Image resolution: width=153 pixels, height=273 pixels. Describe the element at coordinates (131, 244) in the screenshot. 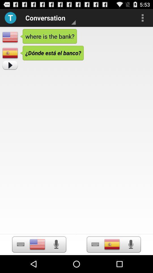

I see `listen to translation` at that location.